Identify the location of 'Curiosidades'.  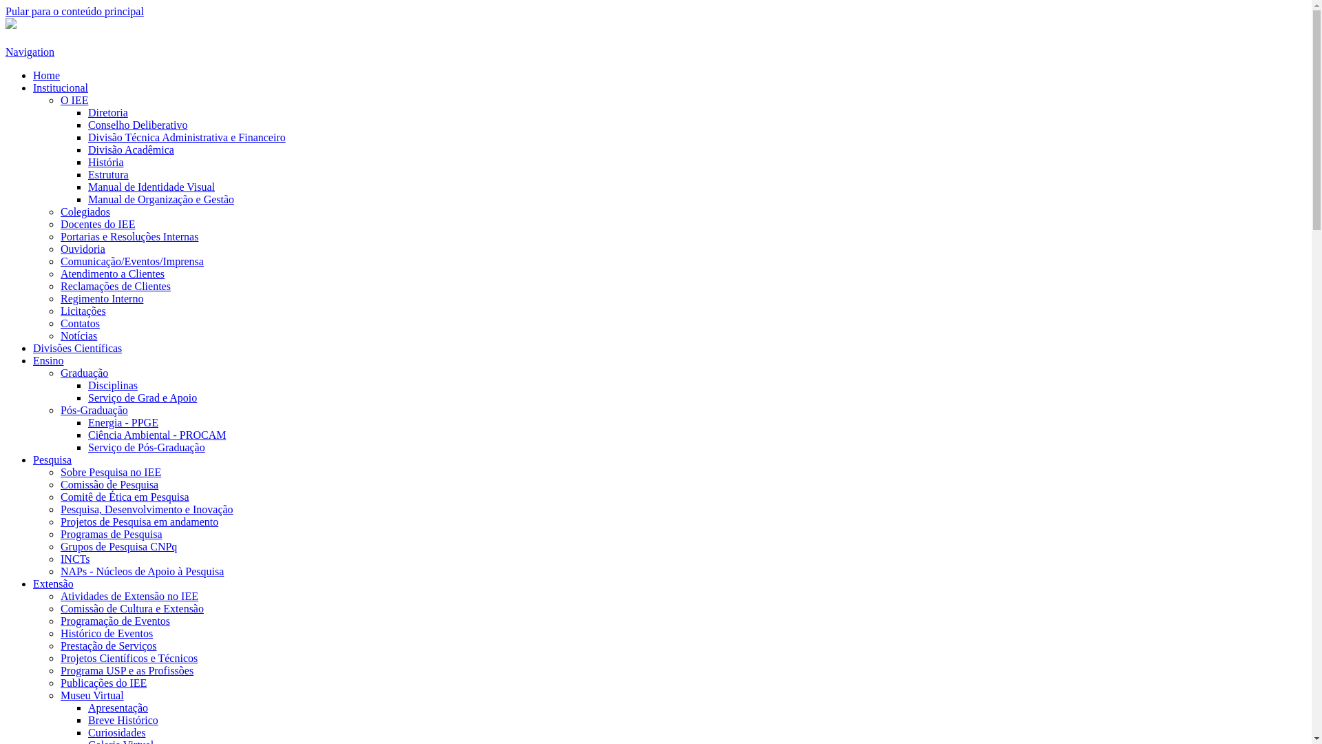
(116, 732).